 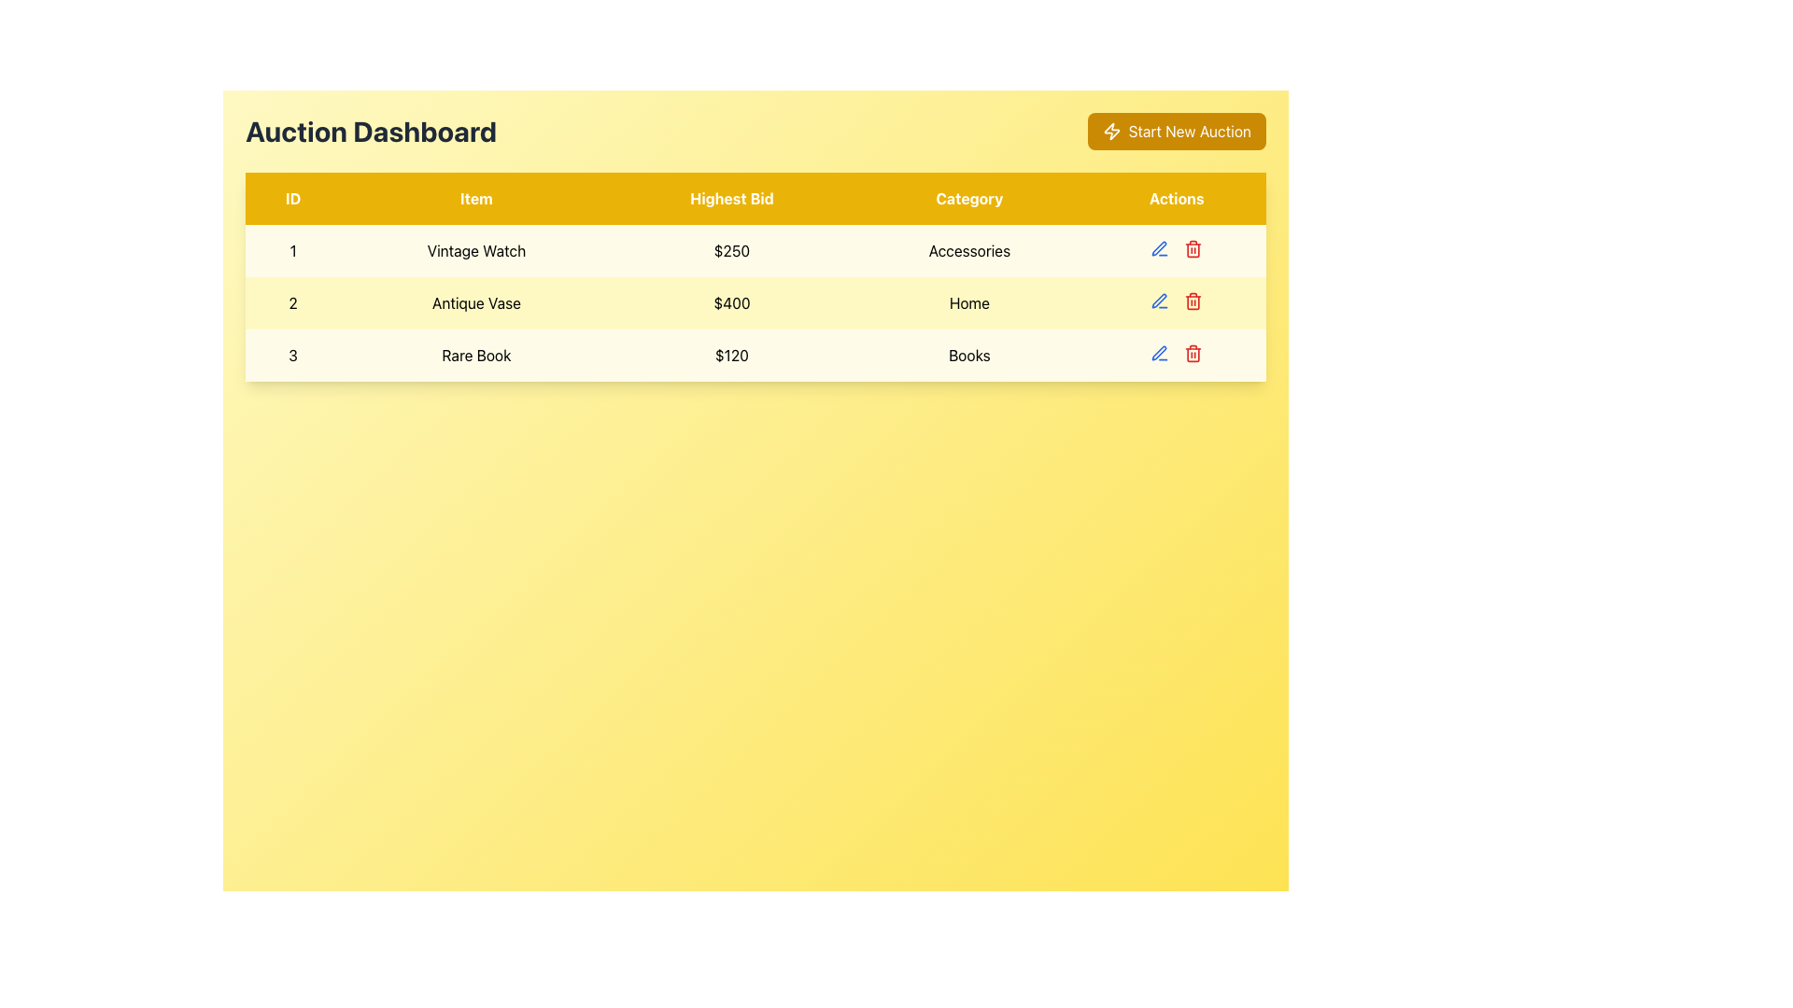 What do you see at coordinates (292, 356) in the screenshot?
I see `the static text element that displays the identifier for the 'Rare Book' entry in the first column of the third row under the 'ID' column header` at bounding box center [292, 356].